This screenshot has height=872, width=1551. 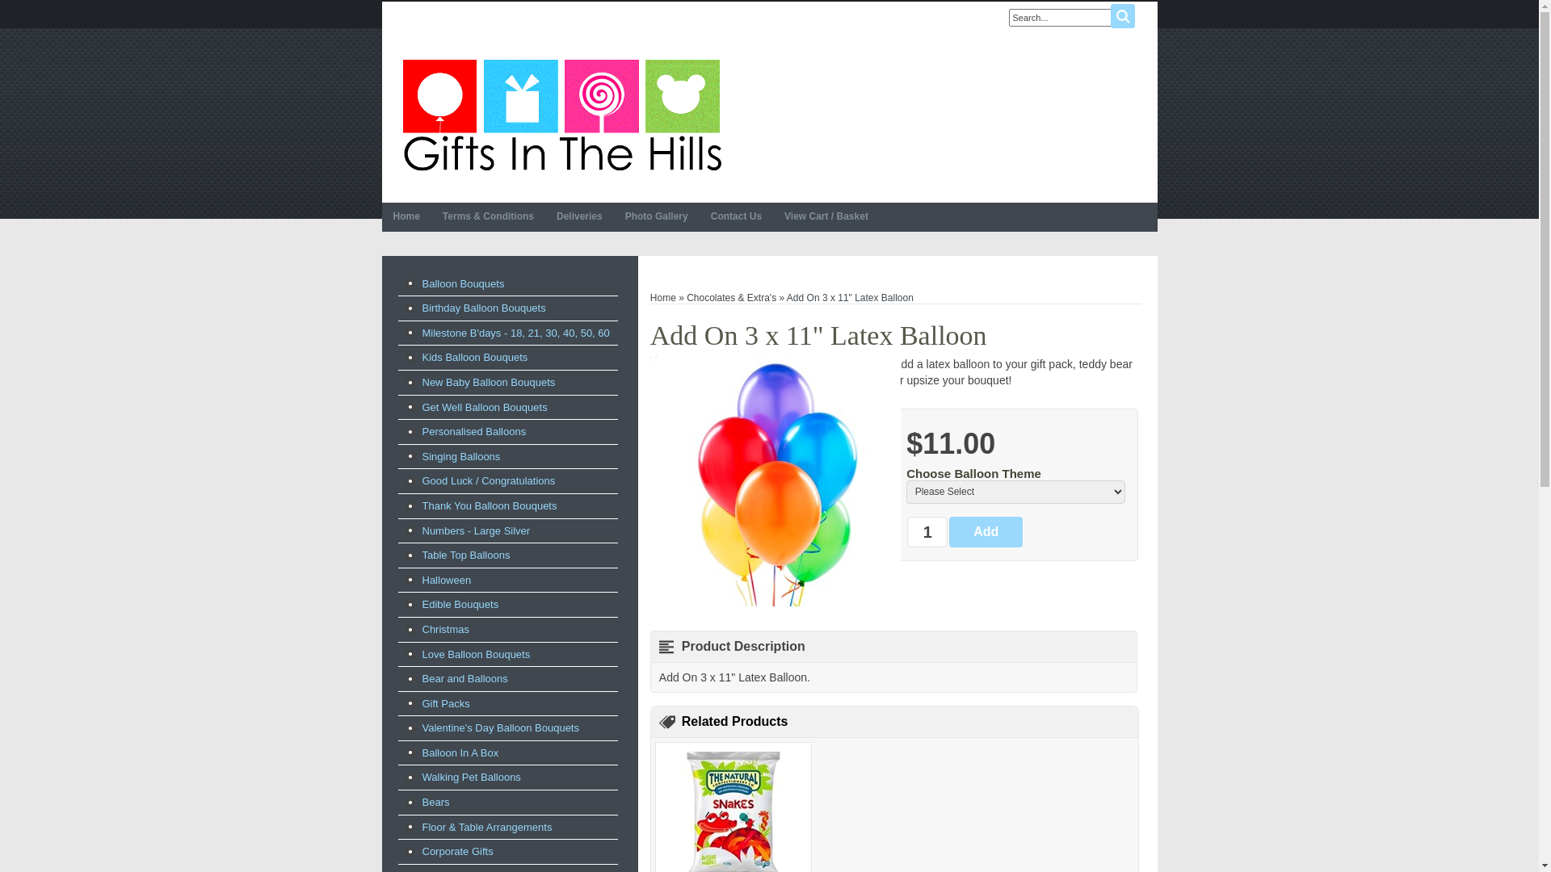 What do you see at coordinates (397, 777) in the screenshot?
I see `'Walking Pet Balloons'` at bounding box center [397, 777].